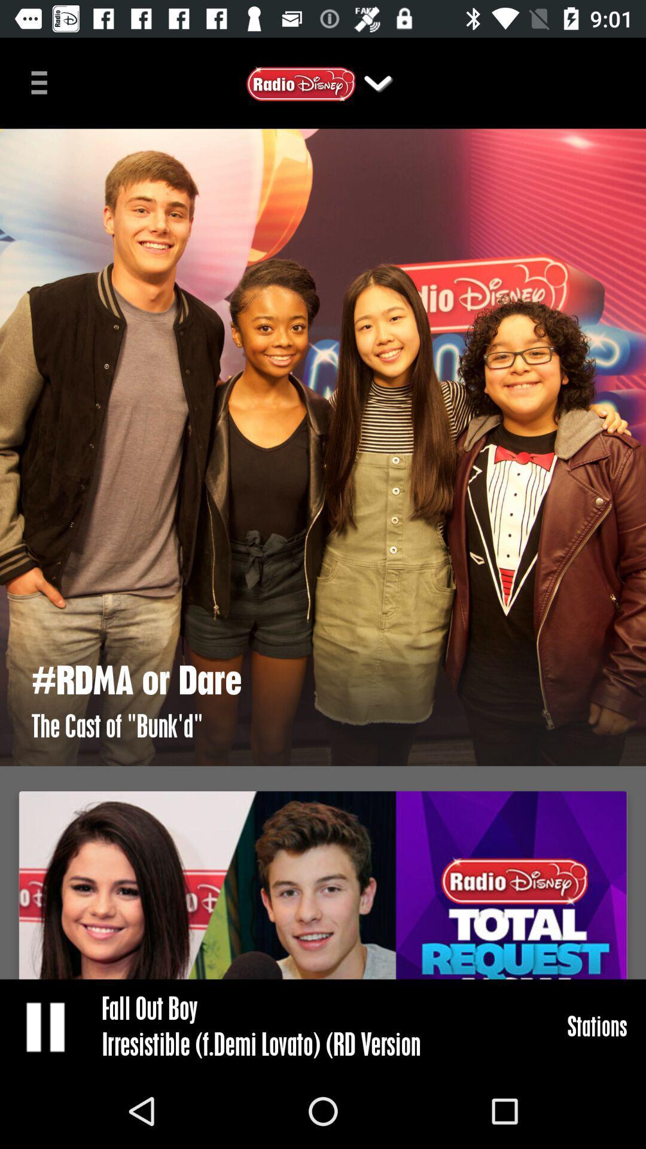  What do you see at coordinates (46, 1026) in the screenshot?
I see `pause the audio` at bounding box center [46, 1026].